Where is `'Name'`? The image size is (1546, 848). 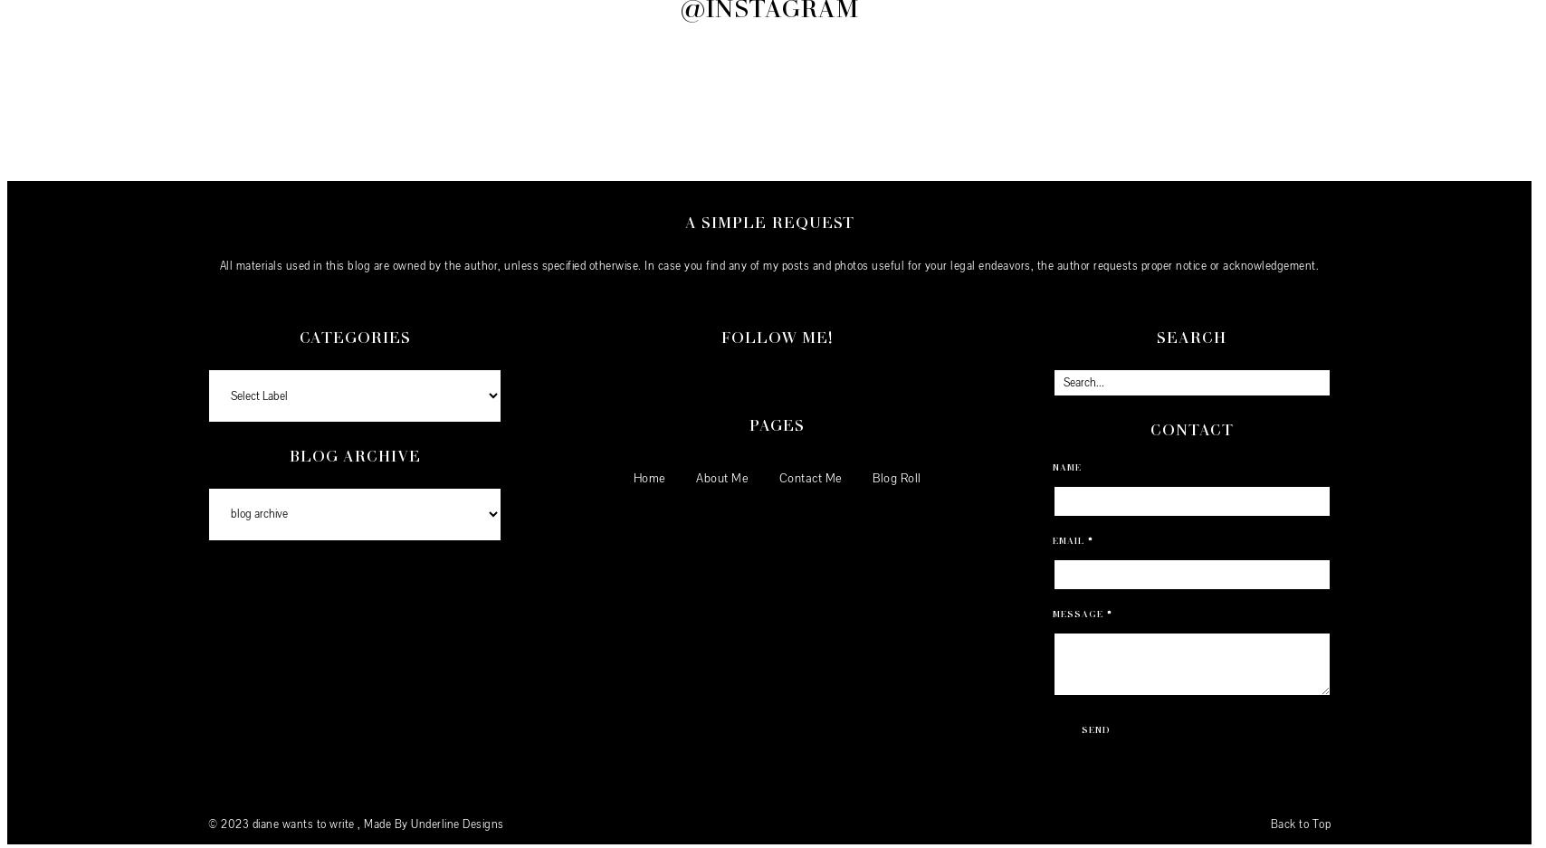
'Name' is located at coordinates (1052, 464).